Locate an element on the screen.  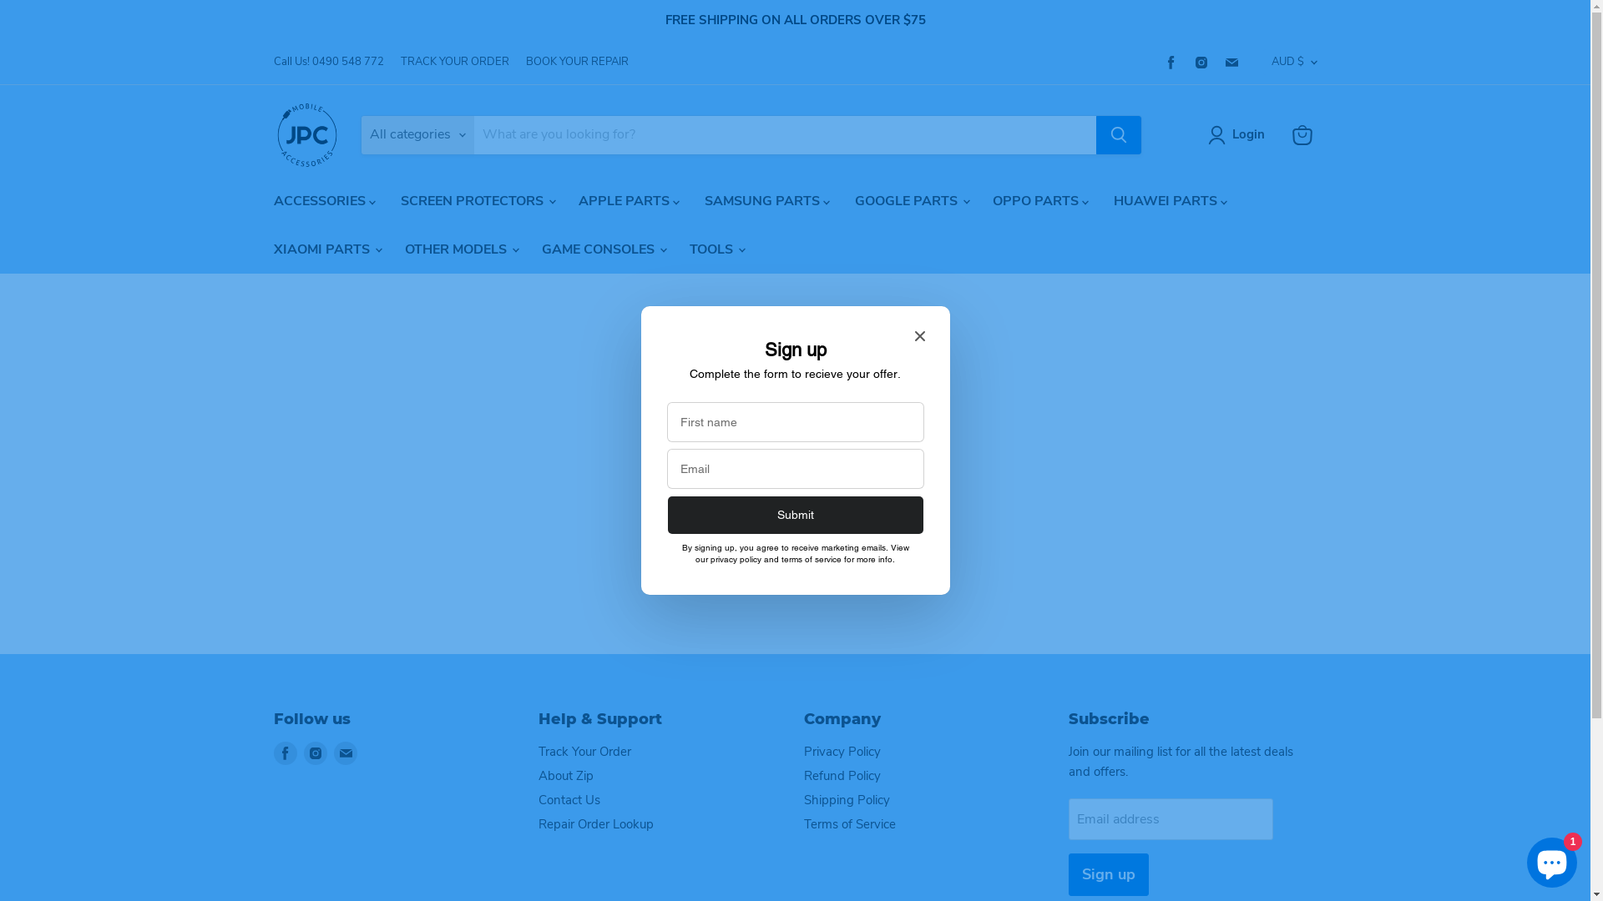
'Track Your Order' is located at coordinates (538, 752).